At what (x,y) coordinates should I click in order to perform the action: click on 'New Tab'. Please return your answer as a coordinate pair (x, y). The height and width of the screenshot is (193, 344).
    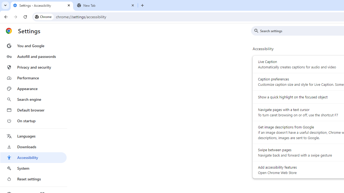
    Looking at the image, I should click on (106, 5).